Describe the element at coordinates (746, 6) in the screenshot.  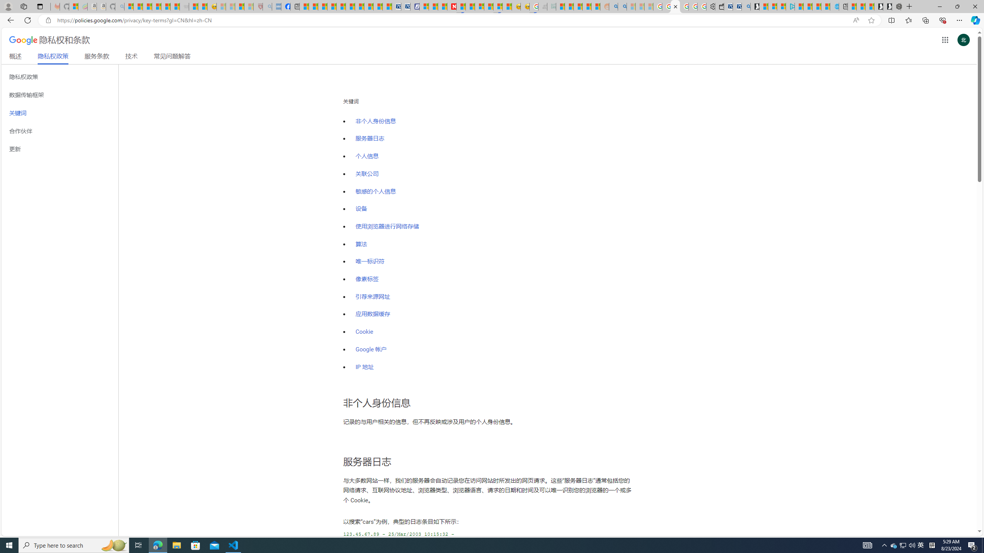
I see `'Bing Real Estate - Home sales and rental listings'` at that location.